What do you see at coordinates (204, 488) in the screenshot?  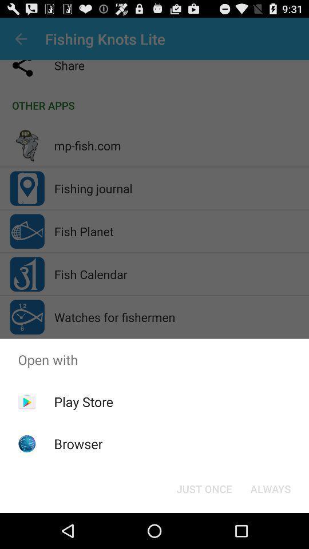 I see `item at the bottom` at bounding box center [204, 488].